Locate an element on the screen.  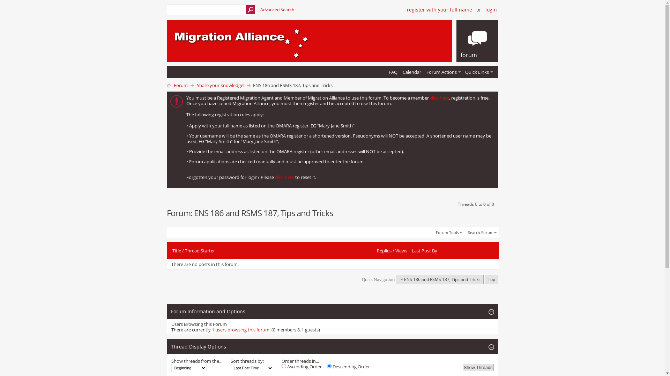
'Calendar' is located at coordinates (400, 72).